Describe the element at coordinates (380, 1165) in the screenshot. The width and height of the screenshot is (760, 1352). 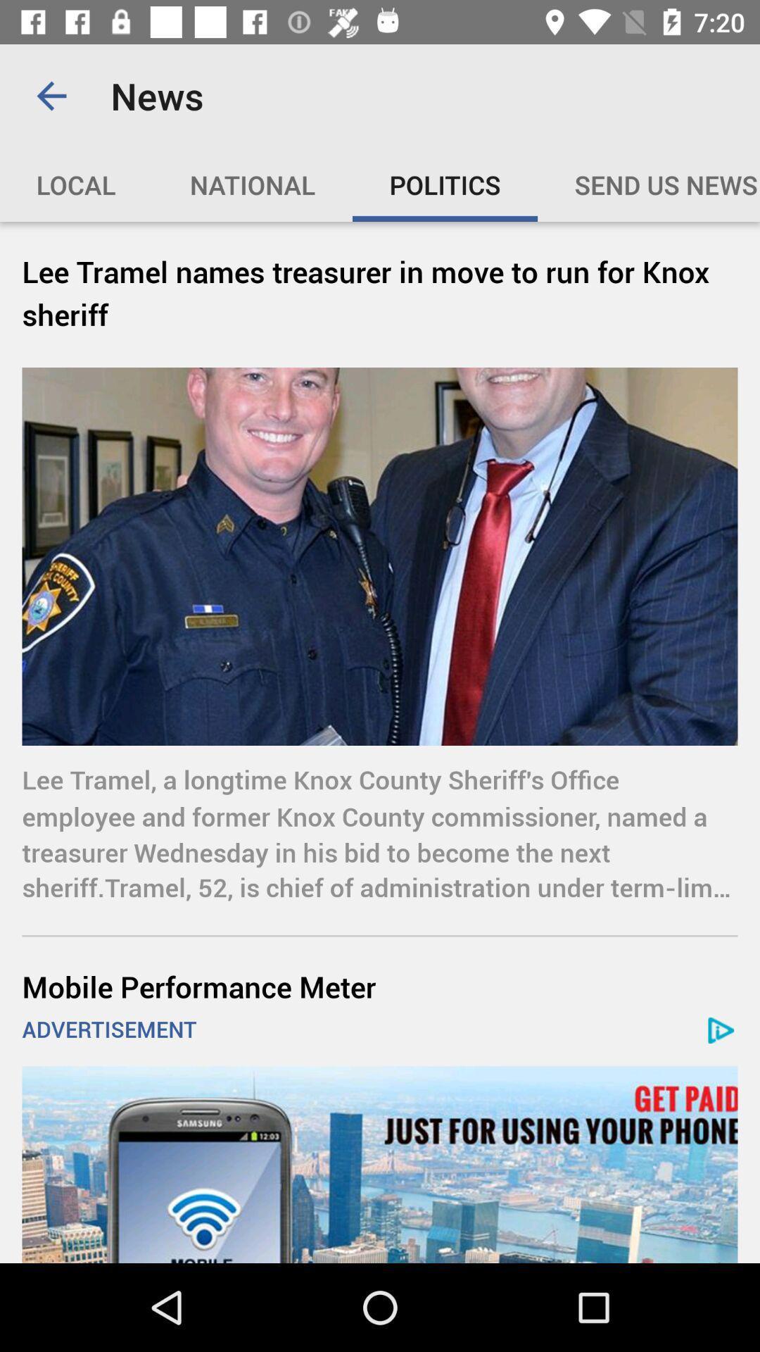
I see `advertising banner button` at that location.